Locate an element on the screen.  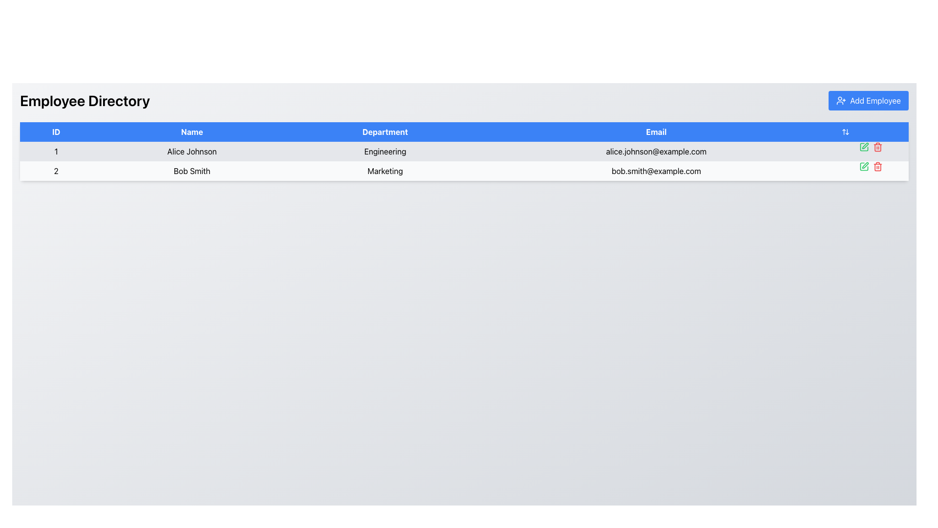
text from the 'Employee Directory' label located at the top-left area of the page is located at coordinates (85, 100).